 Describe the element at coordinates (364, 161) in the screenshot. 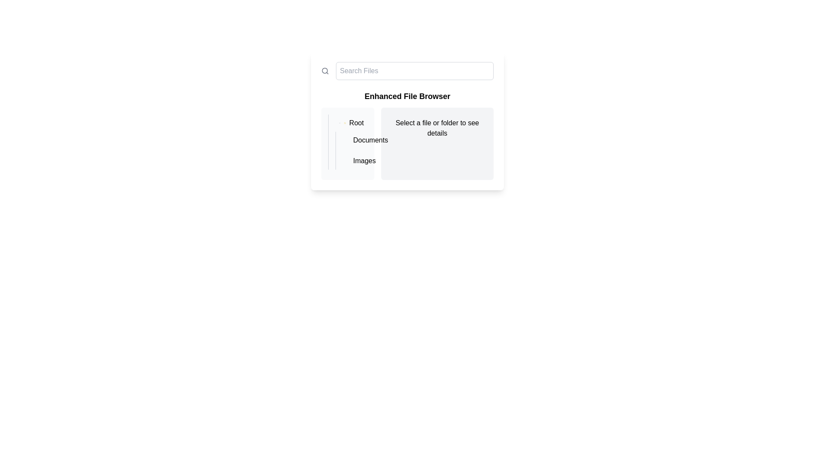

I see `the 'Images' text label in the file browser interface` at that location.